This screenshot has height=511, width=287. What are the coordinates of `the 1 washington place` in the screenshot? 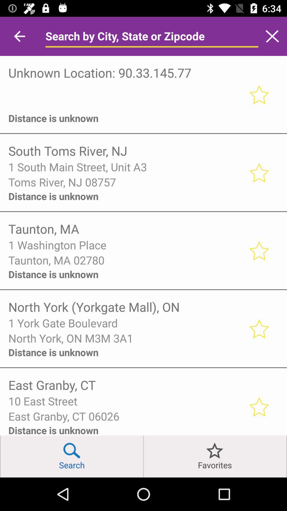 It's located at (125, 245).